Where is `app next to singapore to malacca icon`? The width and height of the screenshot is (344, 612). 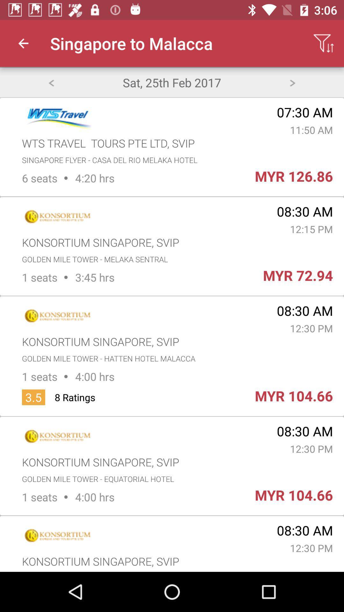
app next to singapore to malacca icon is located at coordinates (324, 43).